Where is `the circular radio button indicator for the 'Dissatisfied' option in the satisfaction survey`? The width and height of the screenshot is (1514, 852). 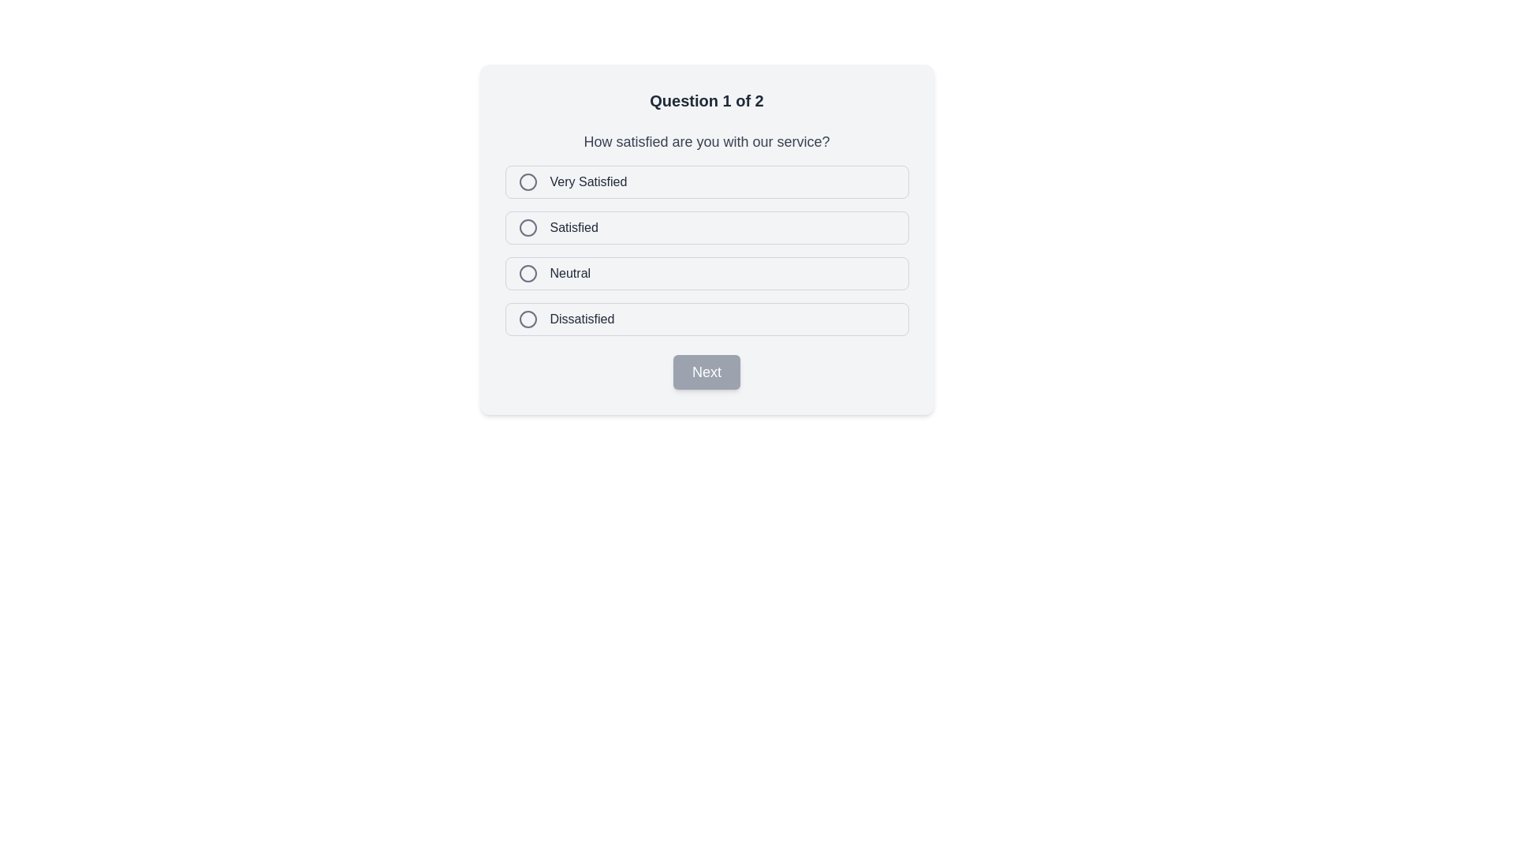
the circular radio button indicator for the 'Dissatisfied' option in the satisfaction survey is located at coordinates (528, 319).